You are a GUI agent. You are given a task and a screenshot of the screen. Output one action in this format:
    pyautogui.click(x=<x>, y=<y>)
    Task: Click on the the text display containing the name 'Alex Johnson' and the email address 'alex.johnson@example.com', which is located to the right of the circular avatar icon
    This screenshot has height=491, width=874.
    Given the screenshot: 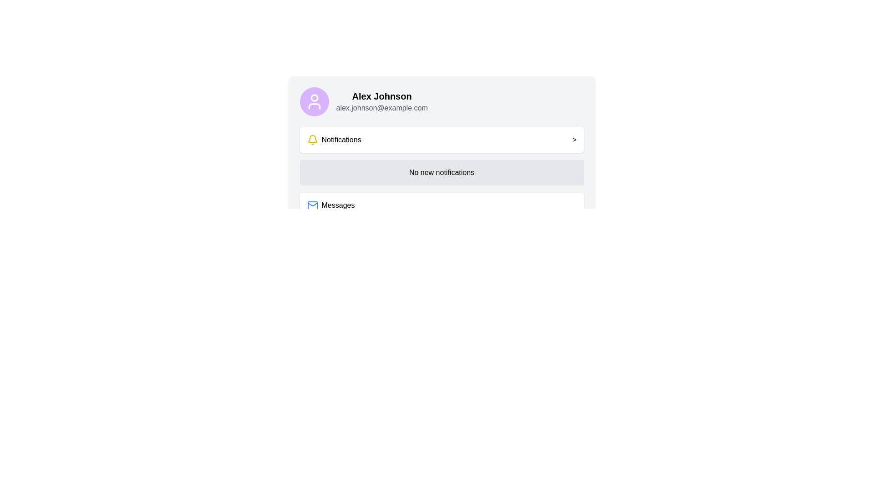 What is the action you would take?
    pyautogui.click(x=382, y=101)
    